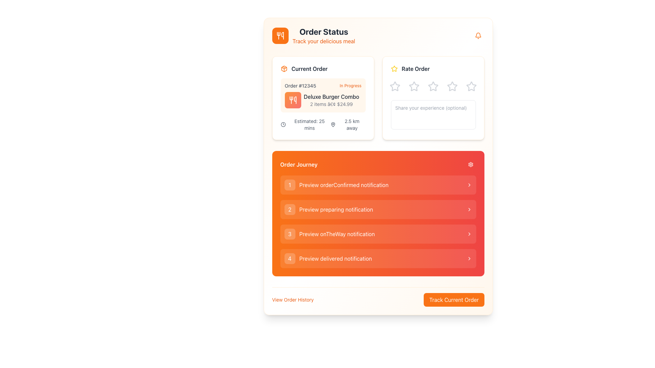  Describe the element at coordinates (348, 125) in the screenshot. I see `the Text Label that indicates the estimated distance to the specific location in the 'Current Order' section, located at the bottom right corner following the text 'Estimated: 25 mins'` at that location.